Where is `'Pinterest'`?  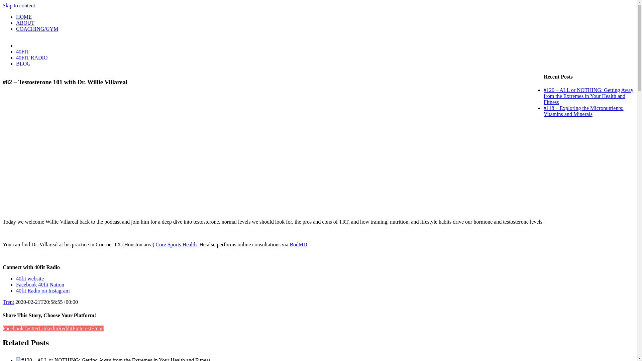 'Pinterest' is located at coordinates (81, 328).